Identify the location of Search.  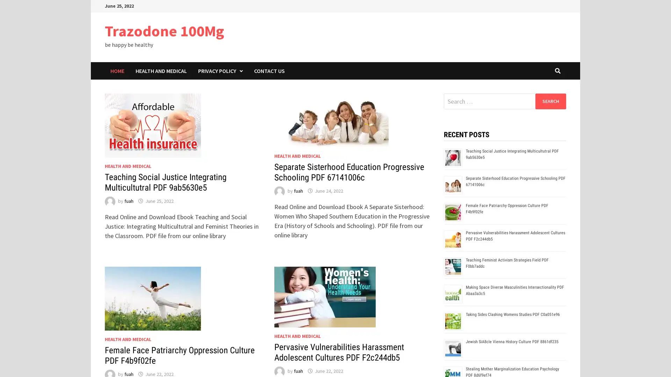
(550, 101).